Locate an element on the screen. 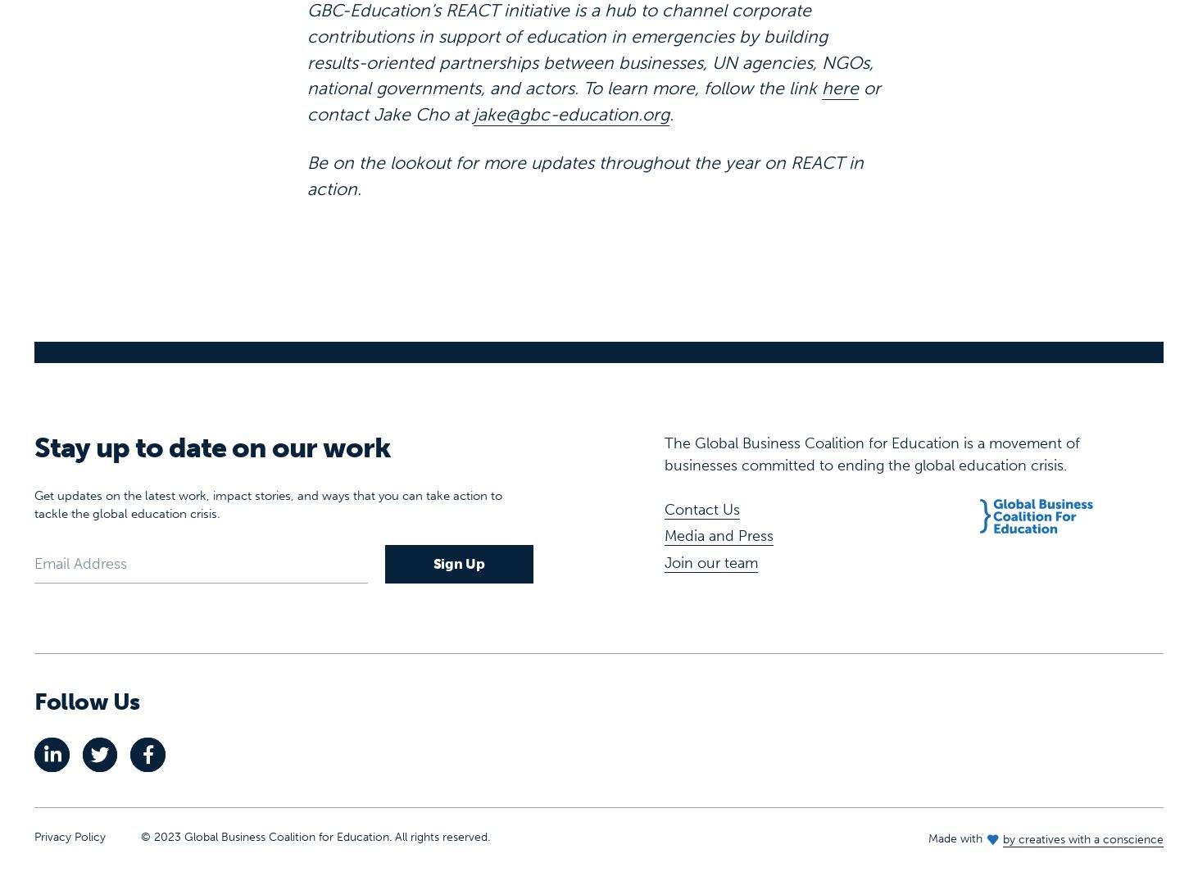 The height and width of the screenshot is (872, 1198). 'The Global Business Coalition for Education is a movement of businesses committed to ending the global education crisis.' is located at coordinates (871, 402).